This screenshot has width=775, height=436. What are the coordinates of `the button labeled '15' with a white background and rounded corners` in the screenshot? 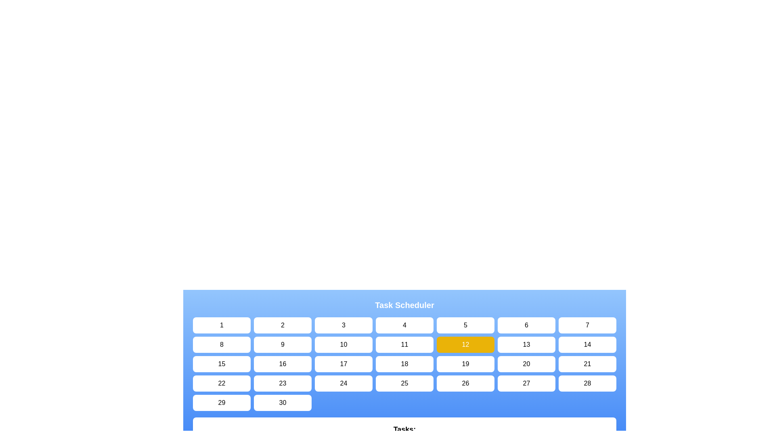 It's located at (222, 364).